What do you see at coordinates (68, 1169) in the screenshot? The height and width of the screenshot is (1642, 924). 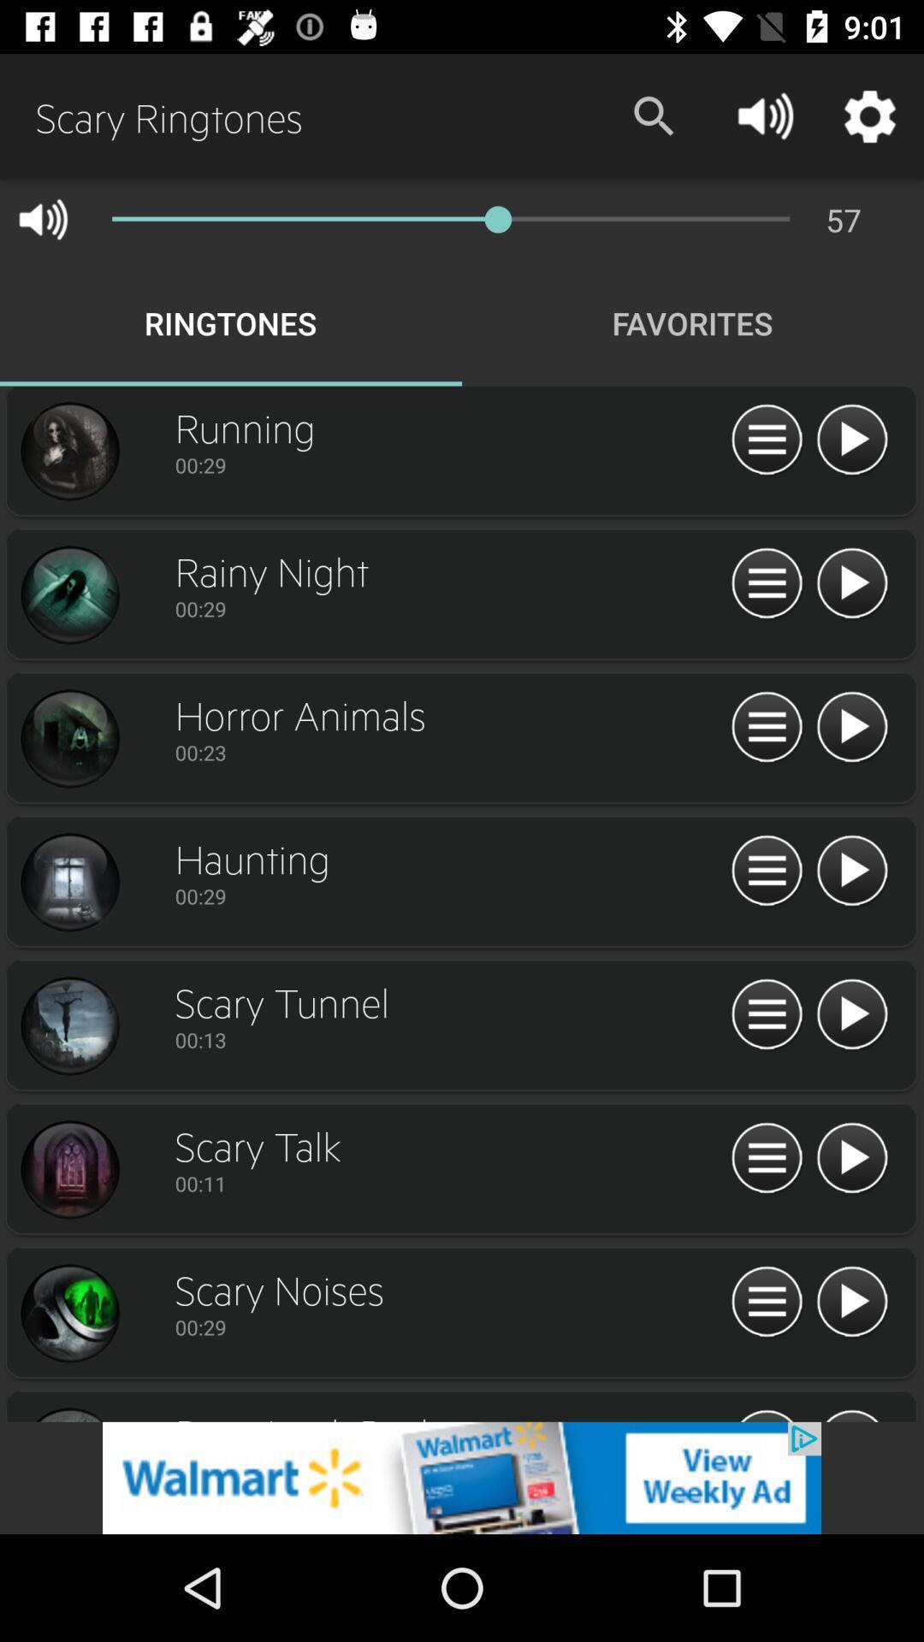 I see `open 'scary talk info` at bounding box center [68, 1169].